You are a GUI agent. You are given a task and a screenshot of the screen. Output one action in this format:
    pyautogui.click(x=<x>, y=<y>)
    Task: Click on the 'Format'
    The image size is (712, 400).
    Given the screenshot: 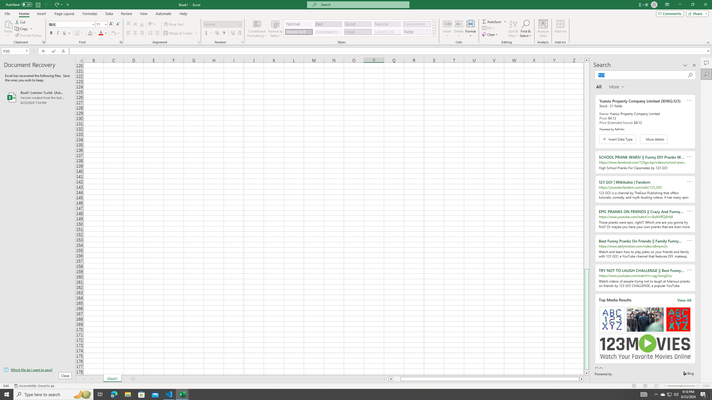 What is the action you would take?
    pyautogui.click(x=471, y=29)
    